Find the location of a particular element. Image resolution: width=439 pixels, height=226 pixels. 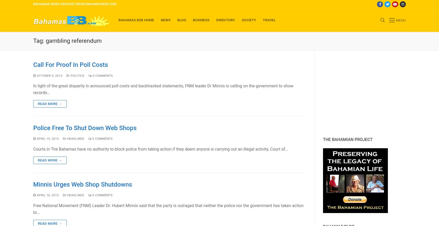

'News' is located at coordinates (166, 19).